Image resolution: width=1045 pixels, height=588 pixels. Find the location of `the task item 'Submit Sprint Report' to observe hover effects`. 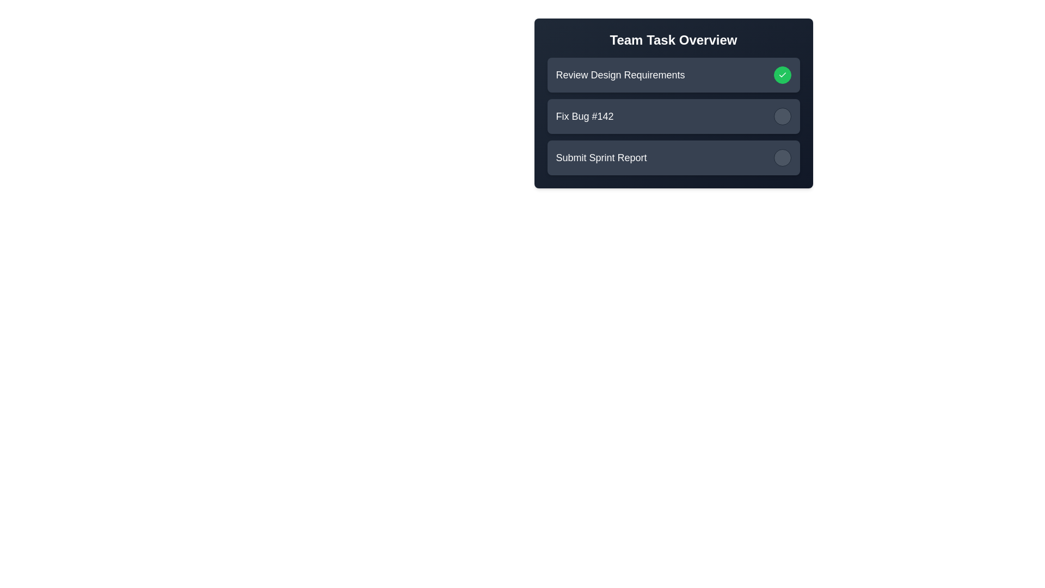

the task item 'Submit Sprint Report' to observe hover effects is located at coordinates (673, 157).